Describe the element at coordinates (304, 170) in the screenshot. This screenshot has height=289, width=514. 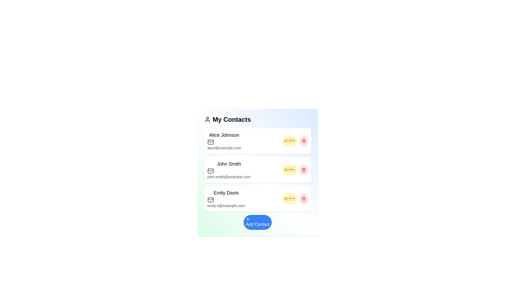
I see `the delete button for the contact John Smith` at that location.